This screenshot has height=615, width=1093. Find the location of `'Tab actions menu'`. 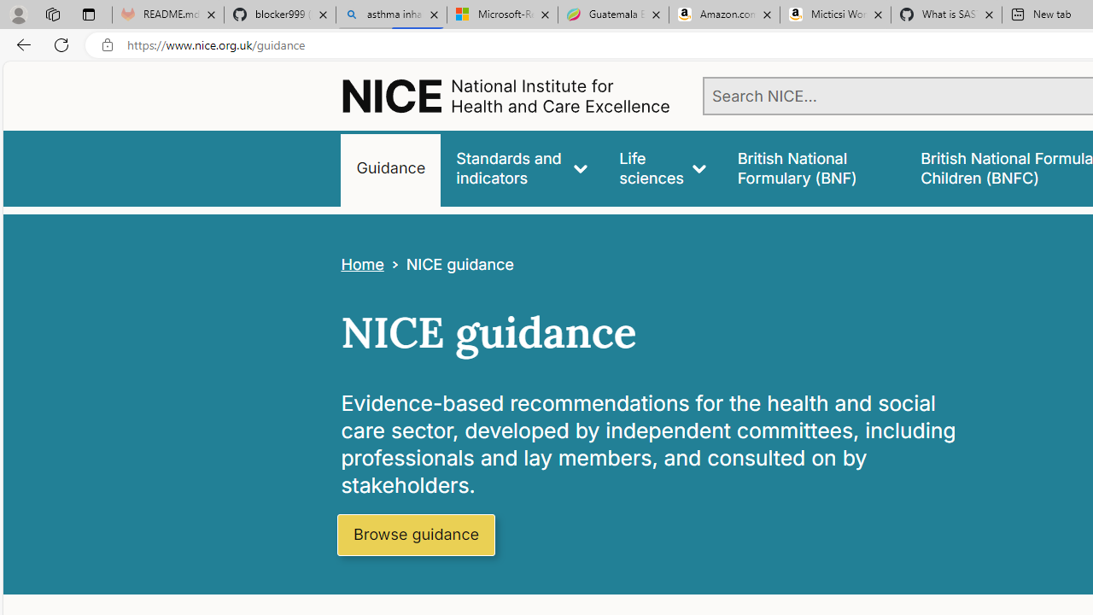

'Tab actions menu' is located at coordinates (88, 14).